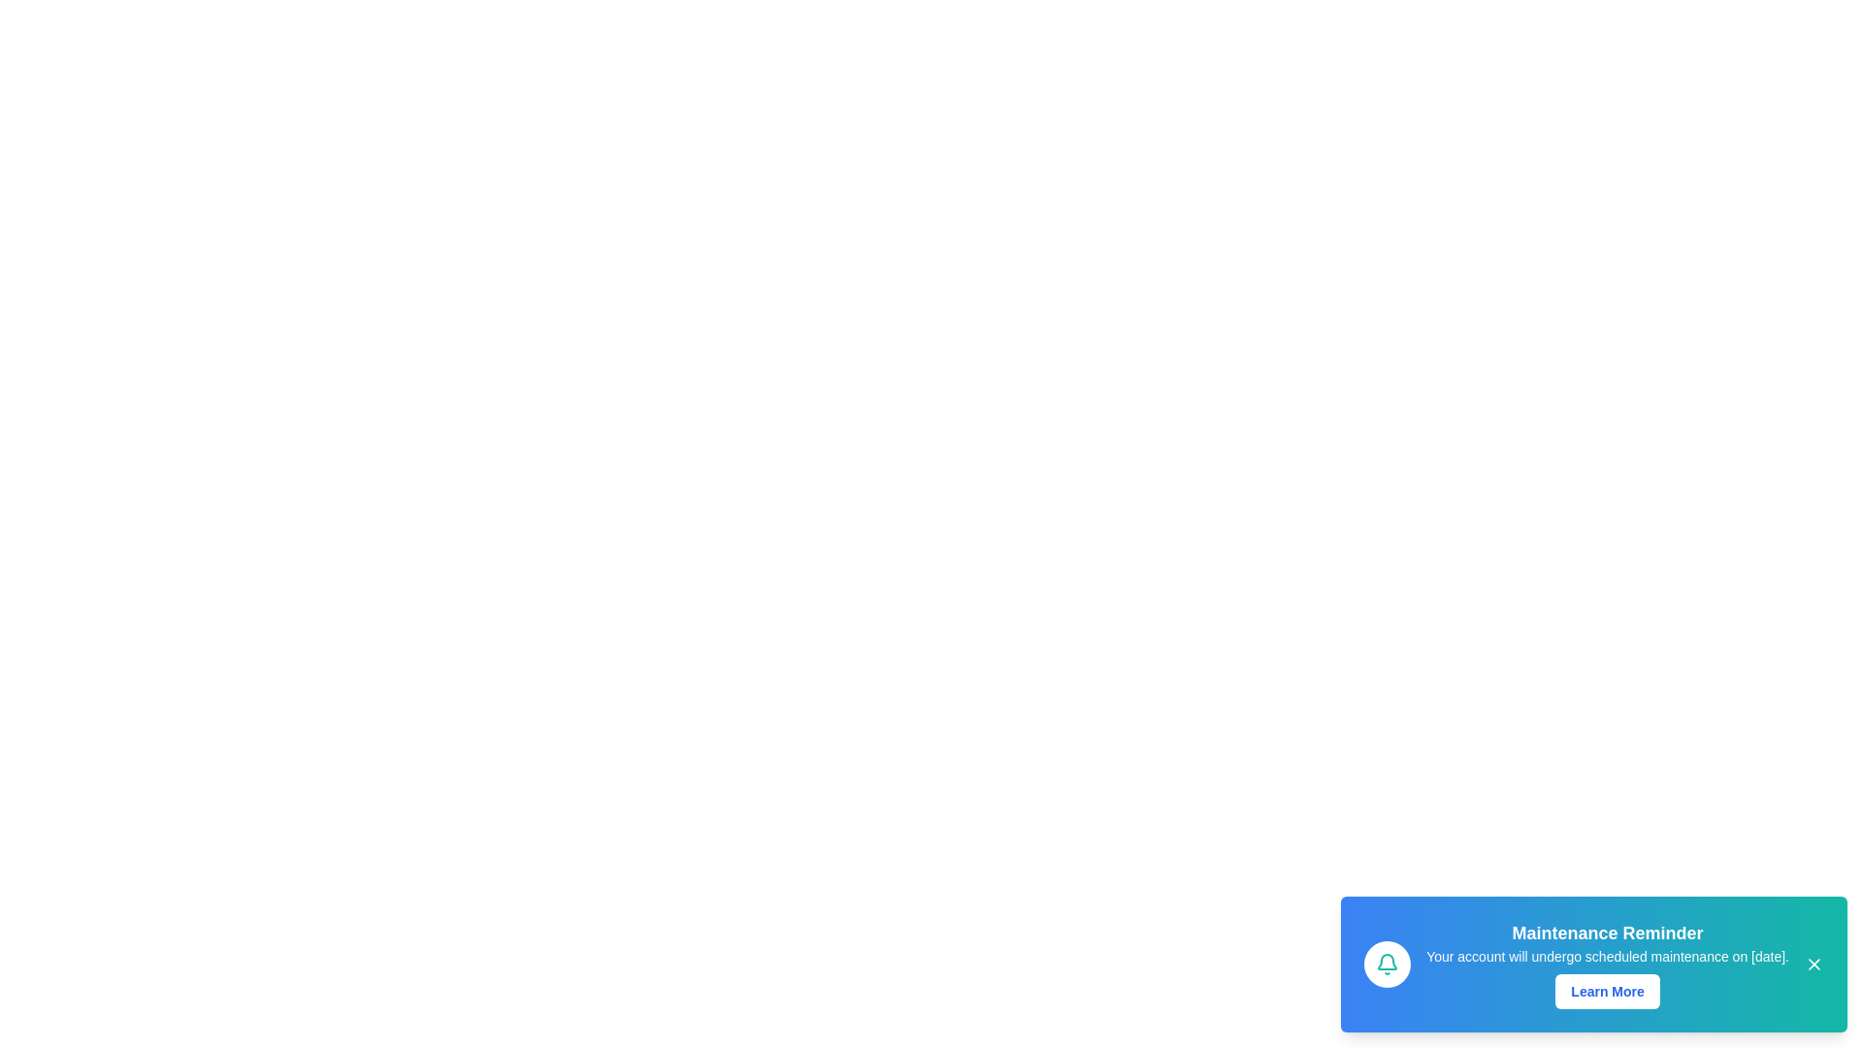  I want to click on the Heading text in the notification card located at the bottom-right corner of the interface, which summarizes the message content, so click(1608, 932).